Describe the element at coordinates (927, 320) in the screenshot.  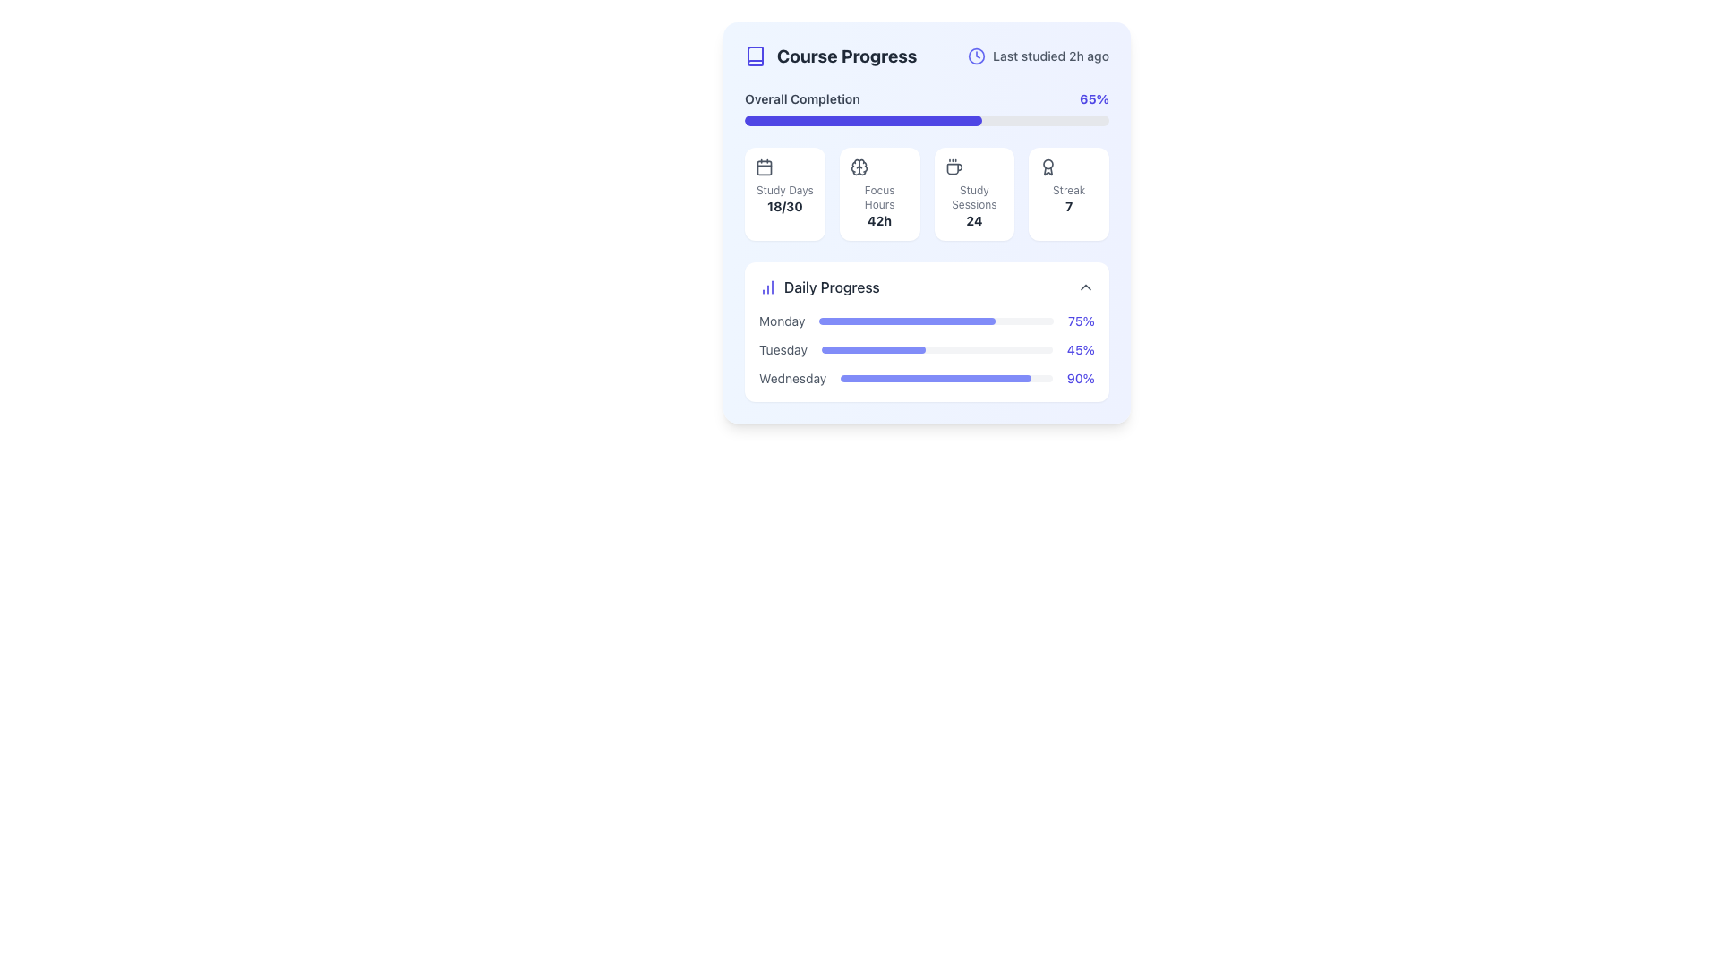
I see `label information from the horizontal progress bar labeled 'Monday' with '75%' on the right, located in the 'Daily Progress' section as the first progress bar` at that location.